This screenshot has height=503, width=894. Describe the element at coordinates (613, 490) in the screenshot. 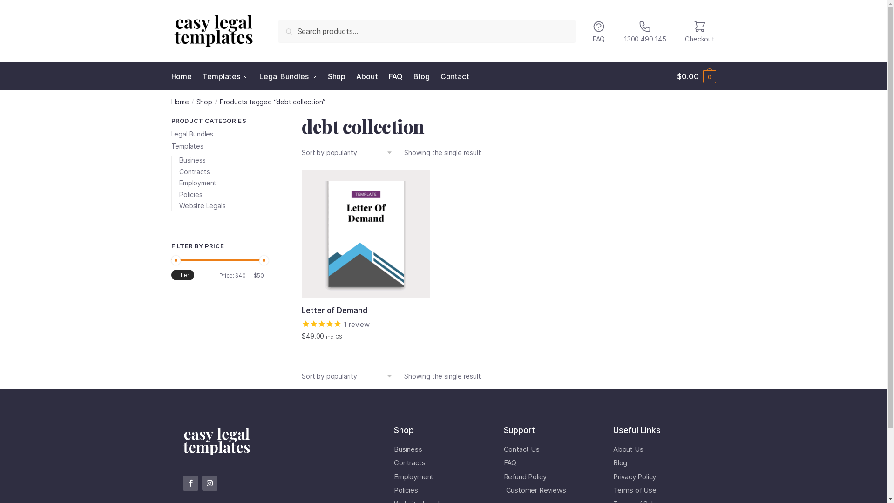

I see `'Terms of Use'` at that location.